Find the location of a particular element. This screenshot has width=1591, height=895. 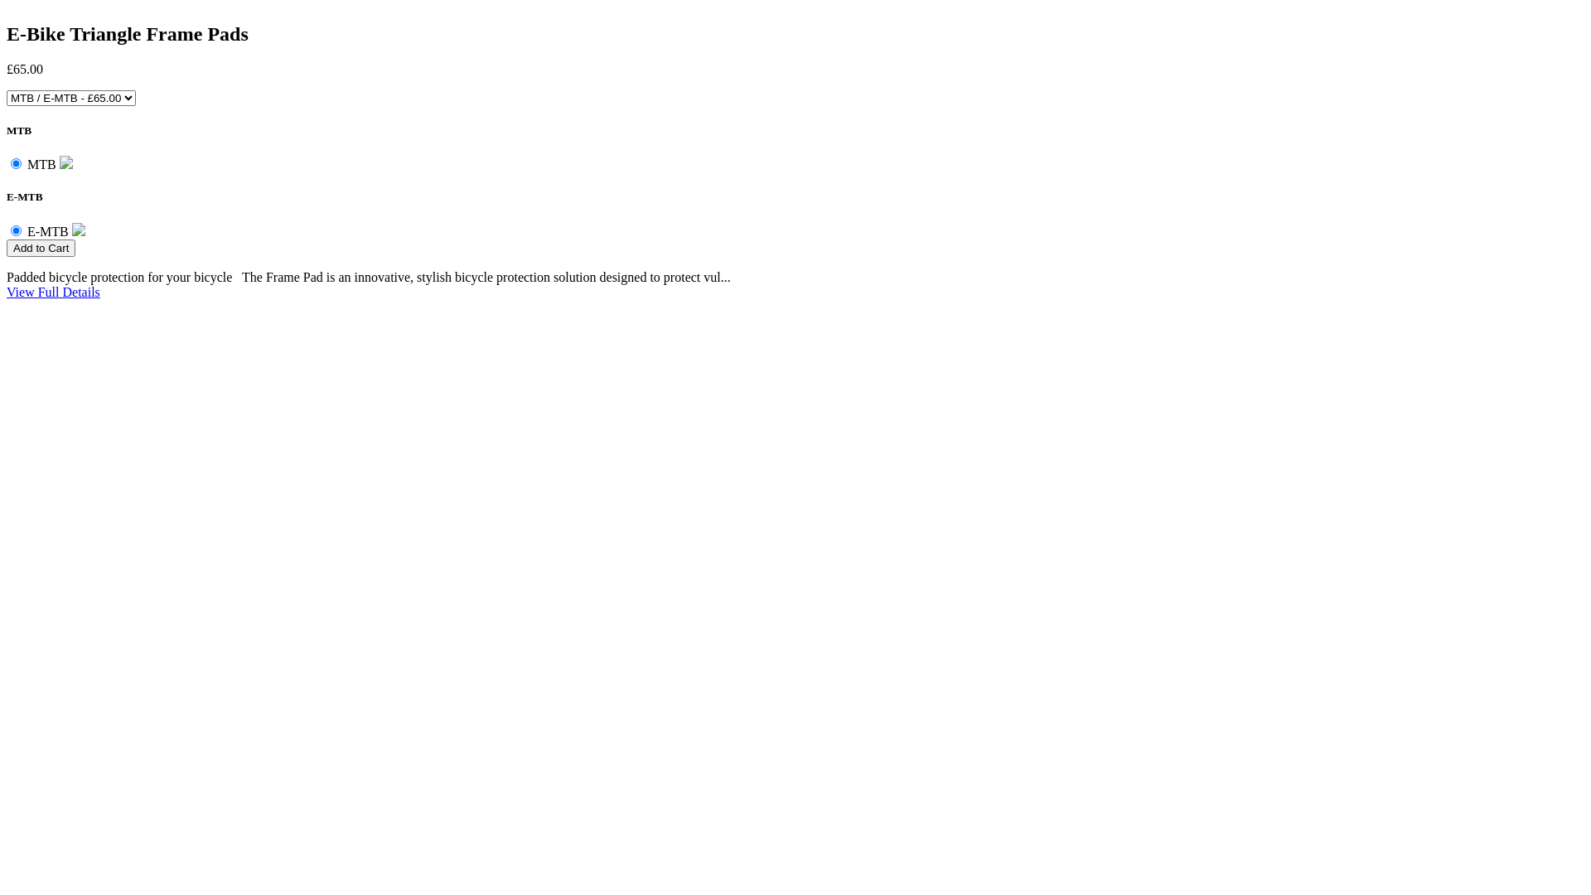

'View Full Details' is located at coordinates (53, 291).